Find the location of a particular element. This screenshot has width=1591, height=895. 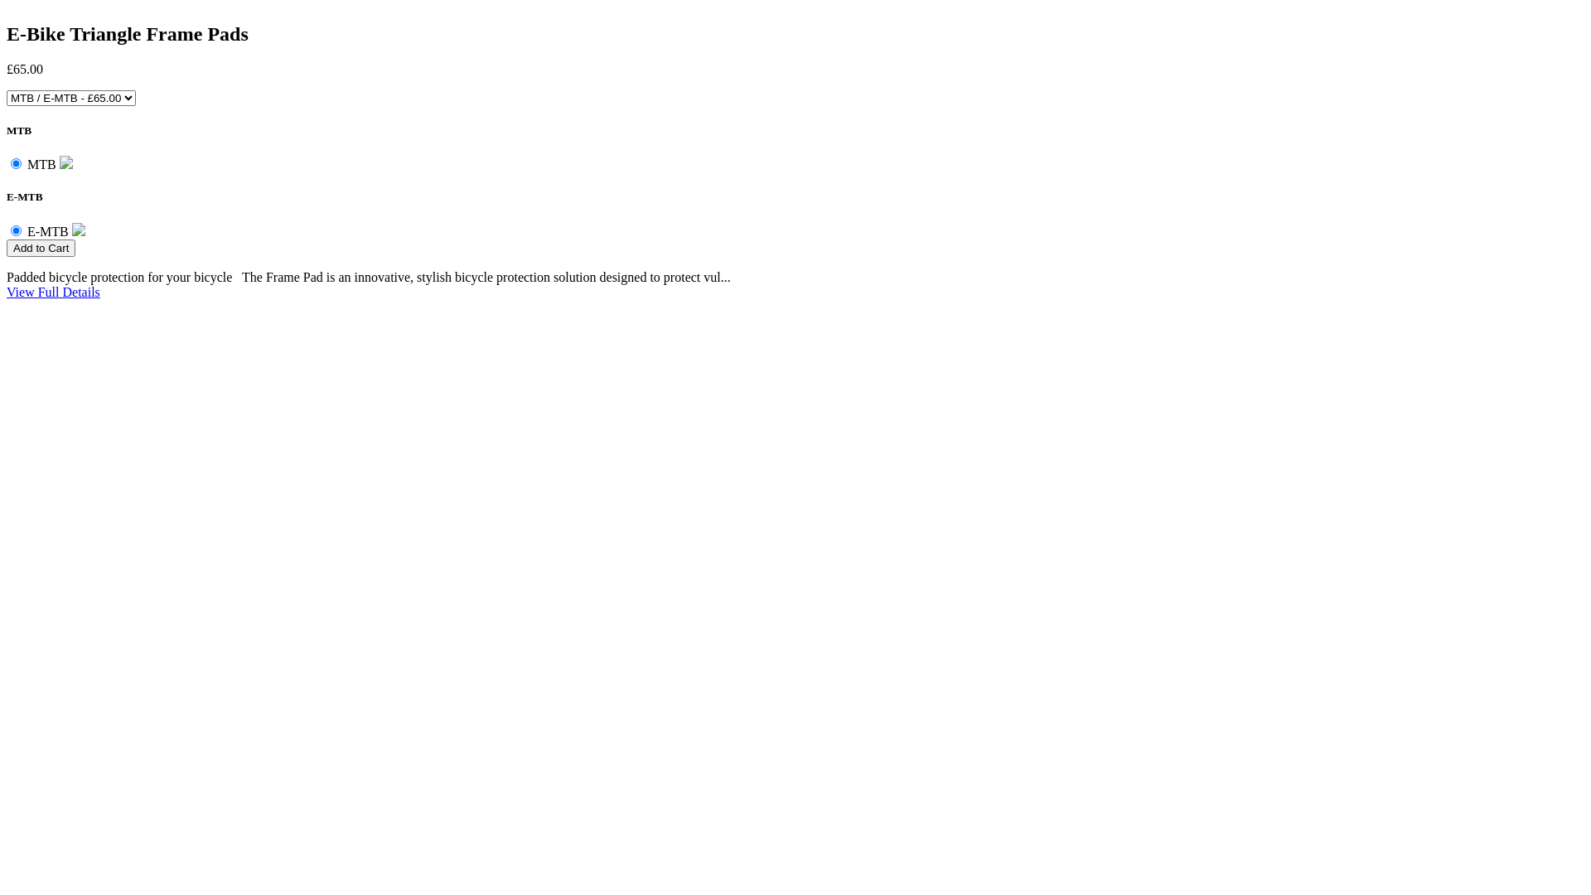

'View Full Details' is located at coordinates (53, 291).